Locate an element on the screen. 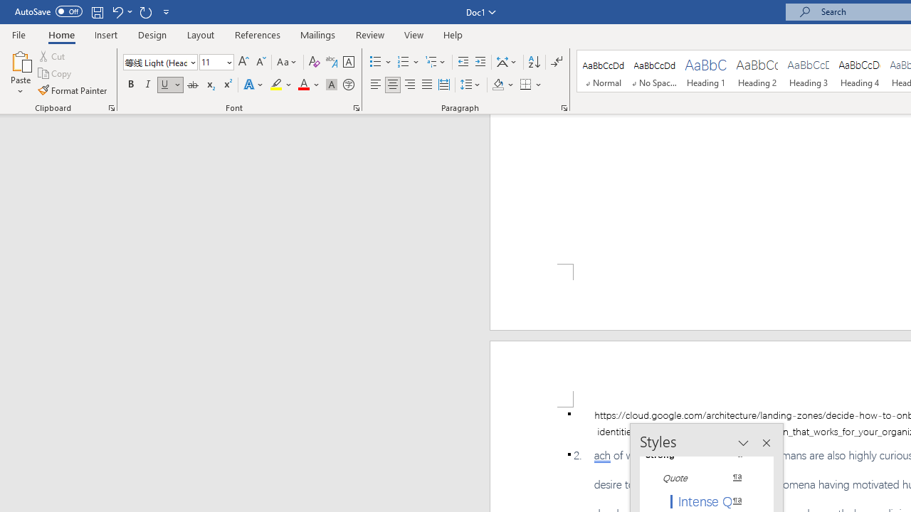 Image resolution: width=911 pixels, height=512 pixels. 'Heading 2' is located at coordinates (756, 71).